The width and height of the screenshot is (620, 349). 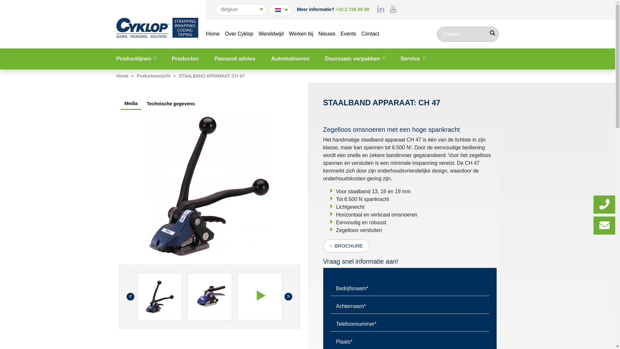 I want to click on 'Wereldwijd', so click(x=271, y=34).